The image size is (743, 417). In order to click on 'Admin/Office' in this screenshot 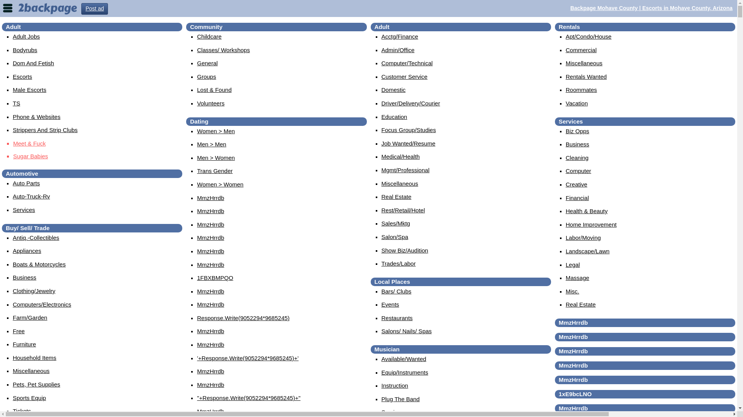, I will do `click(398, 50)`.